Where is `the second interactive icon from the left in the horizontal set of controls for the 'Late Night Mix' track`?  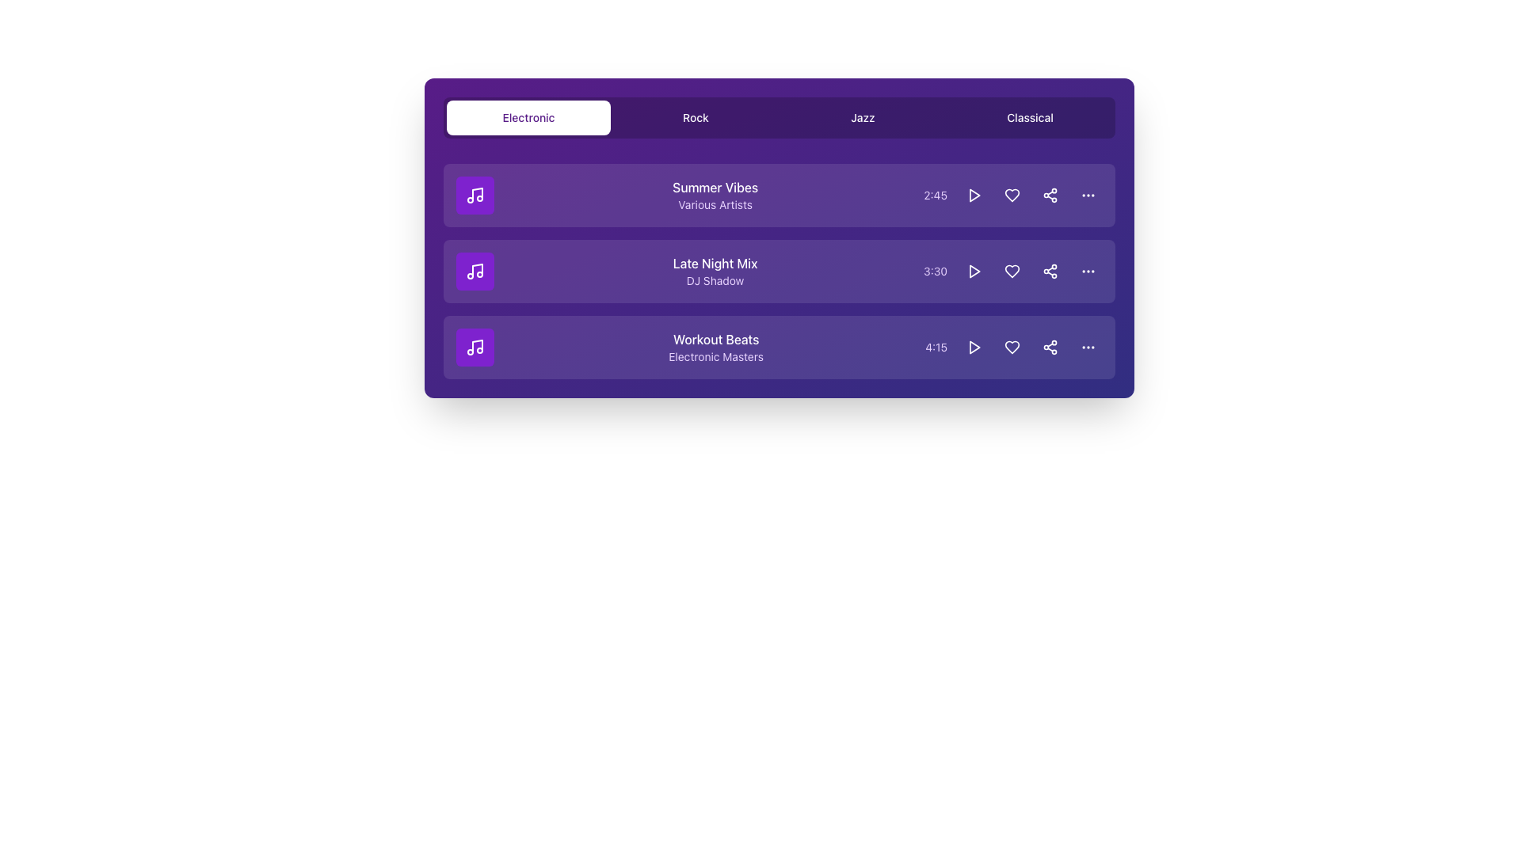
the second interactive icon from the left in the horizontal set of controls for the 'Late Night Mix' track is located at coordinates (1011, 271).